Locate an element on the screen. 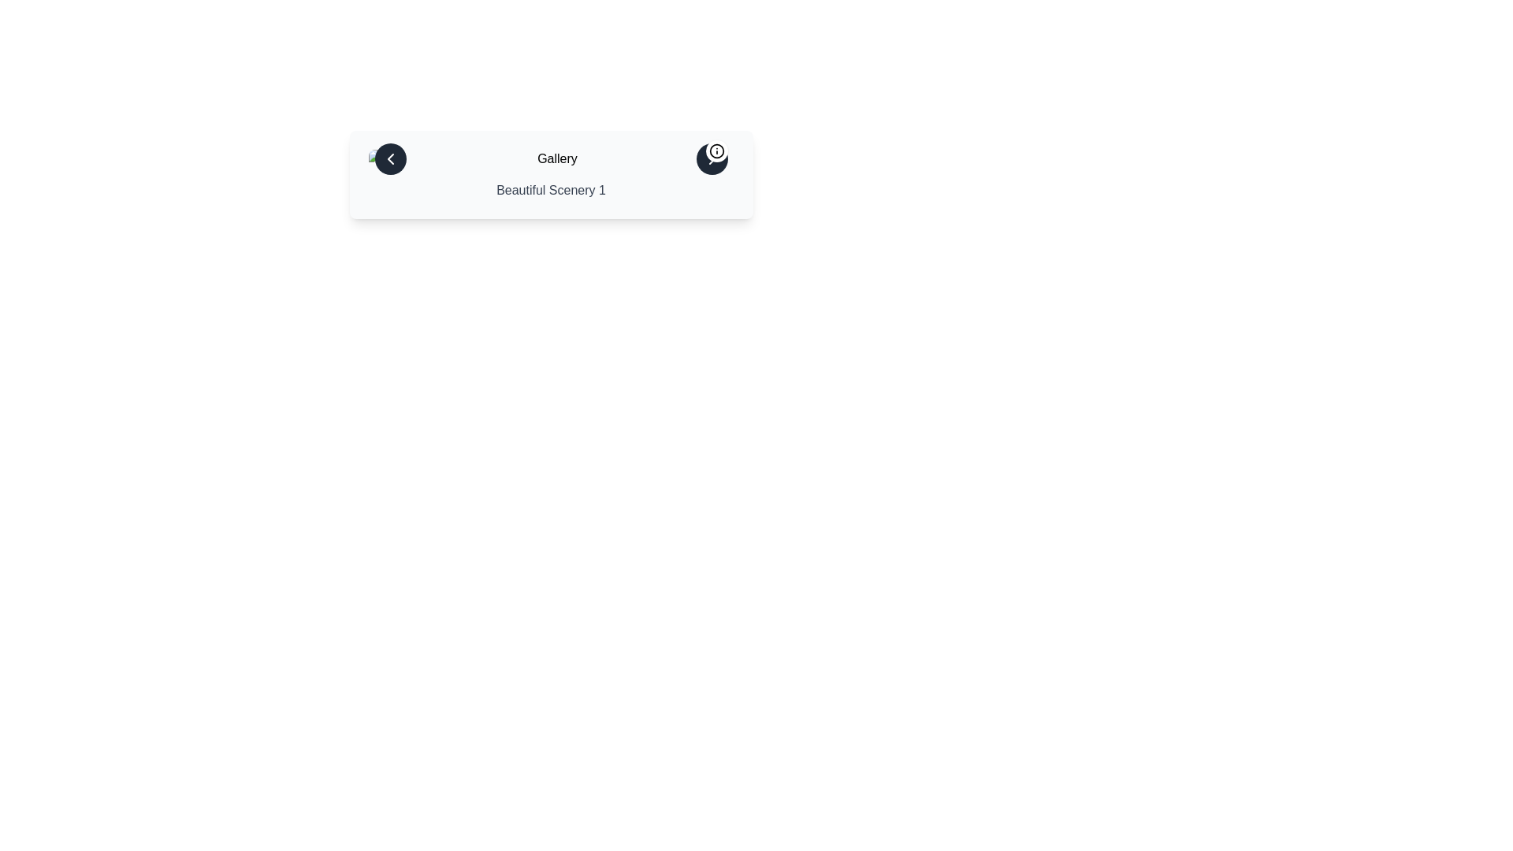  the rightward-pointing chevron arrow icon to trigger a tooltip or state change is located at coordinates (711, 158).